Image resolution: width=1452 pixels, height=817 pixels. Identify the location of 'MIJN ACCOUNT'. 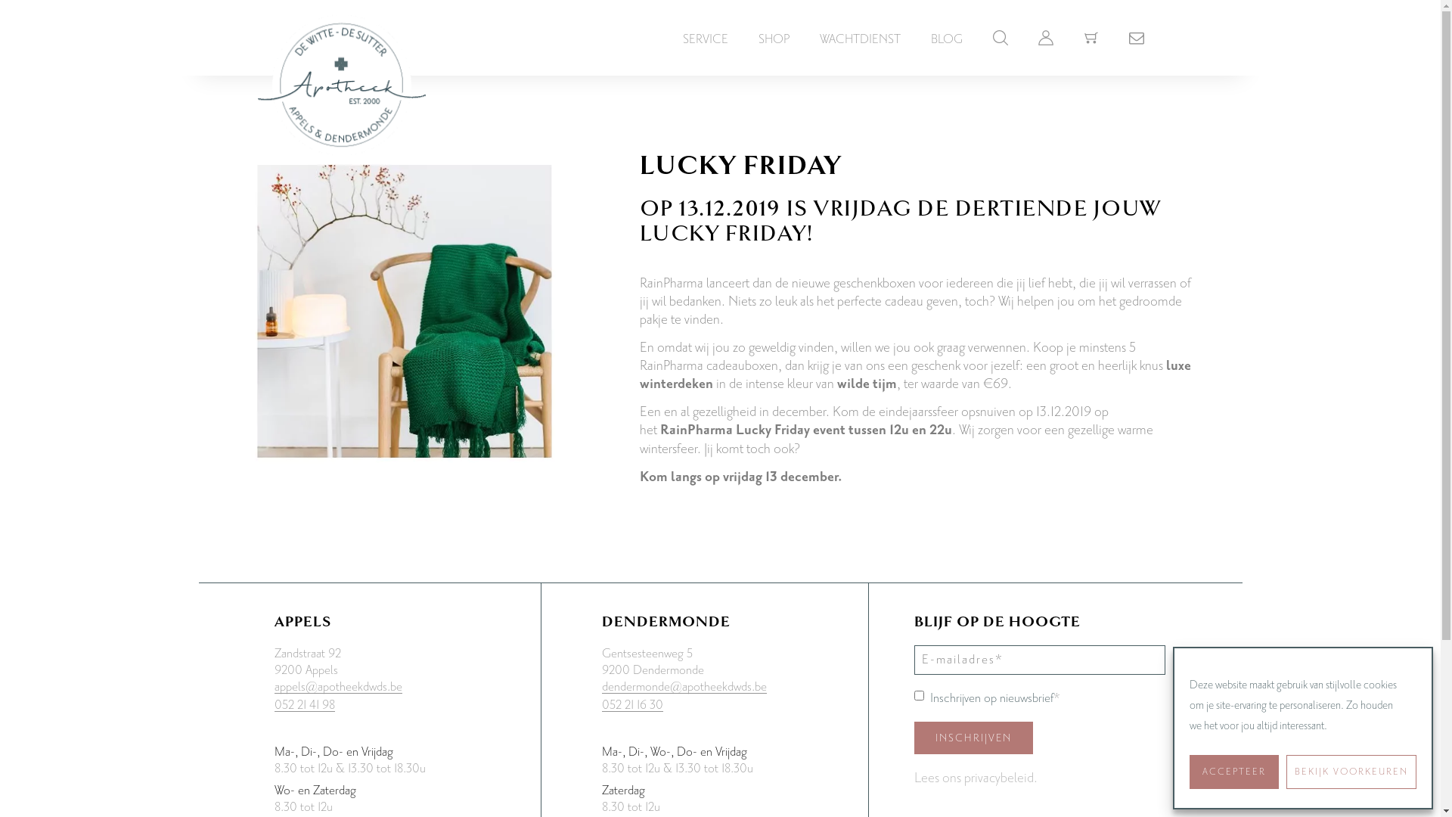
(1044, 34).